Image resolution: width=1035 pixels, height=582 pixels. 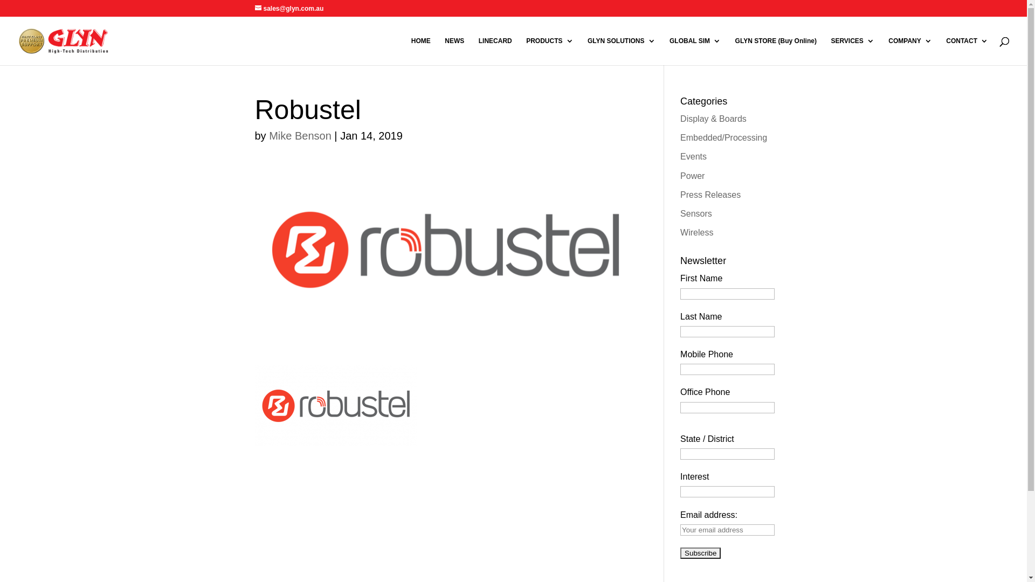 I want to click on 'SERVICES', so click(x=851, y=51).